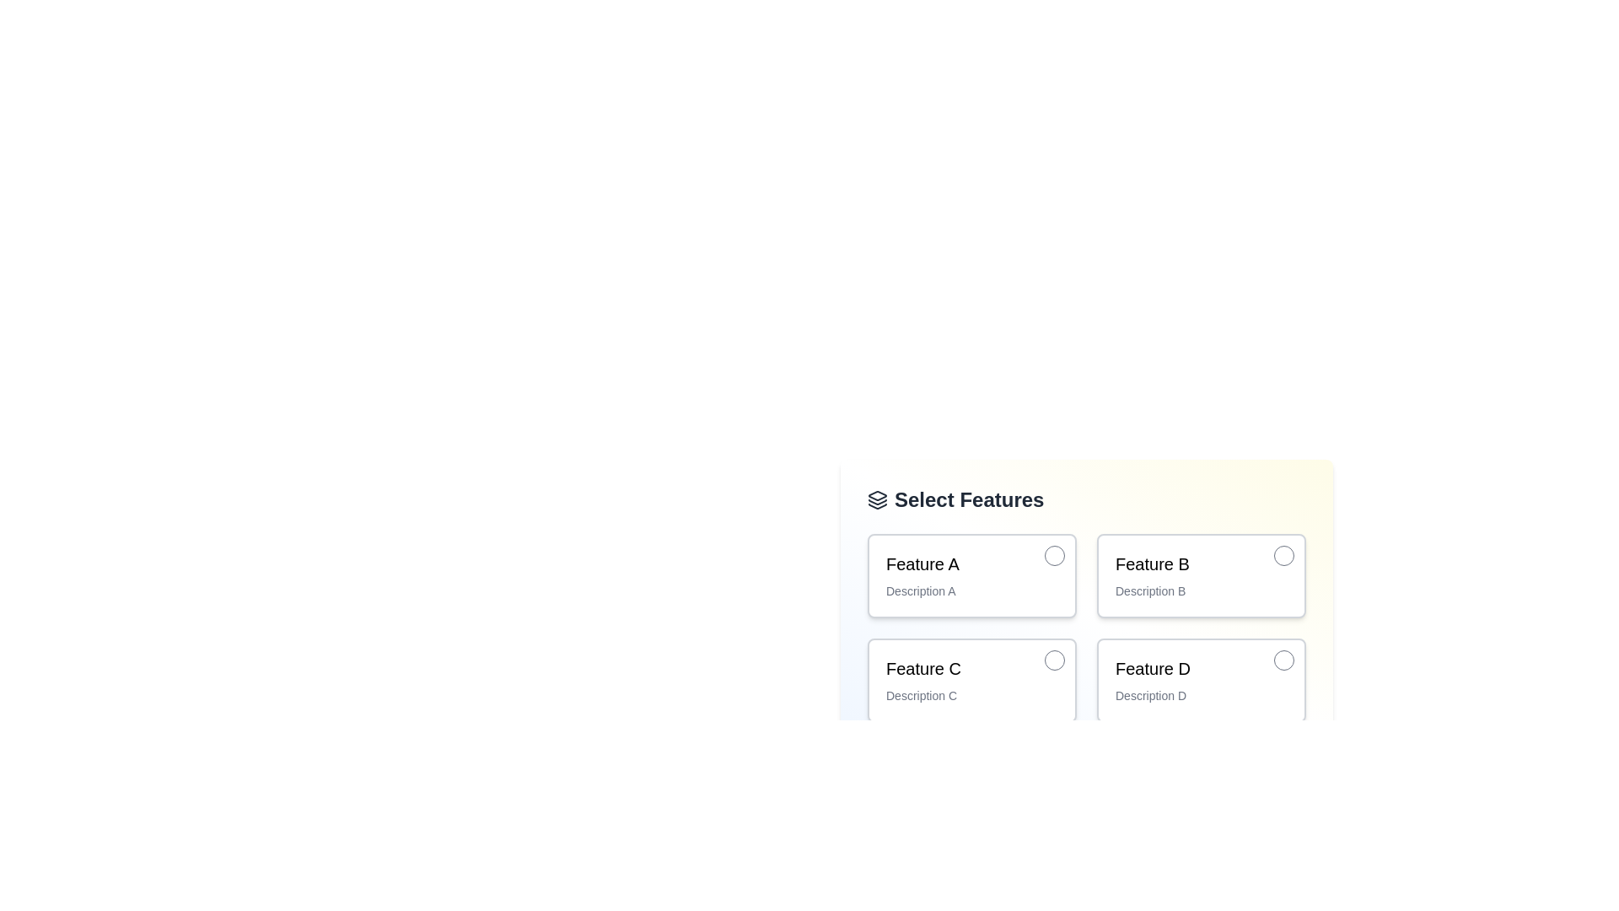  What do you see at coordinates (1283, 556) in the screenshot?
I see `the small circular button with a white background and gray border located in the top-right corner of 'Feature B' and 'Description B'` at bounding box center [1283, 556].